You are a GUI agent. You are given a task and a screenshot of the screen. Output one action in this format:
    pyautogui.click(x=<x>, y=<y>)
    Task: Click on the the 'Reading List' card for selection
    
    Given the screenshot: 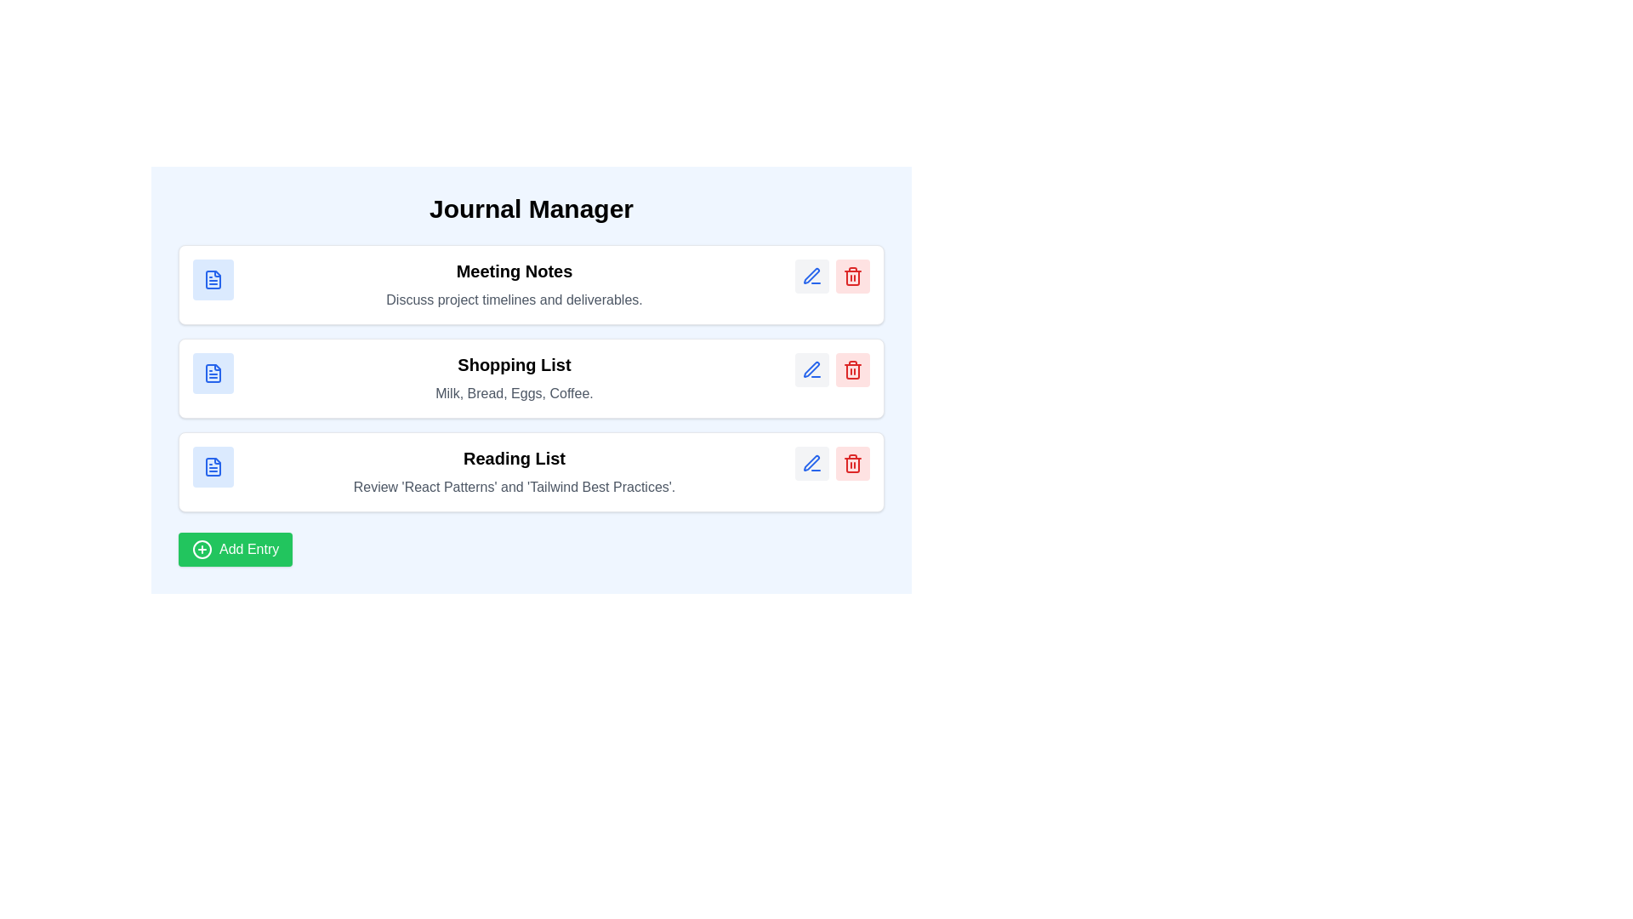 What is the action you would take?
    pyautogui.click(x=530, y=472)
    